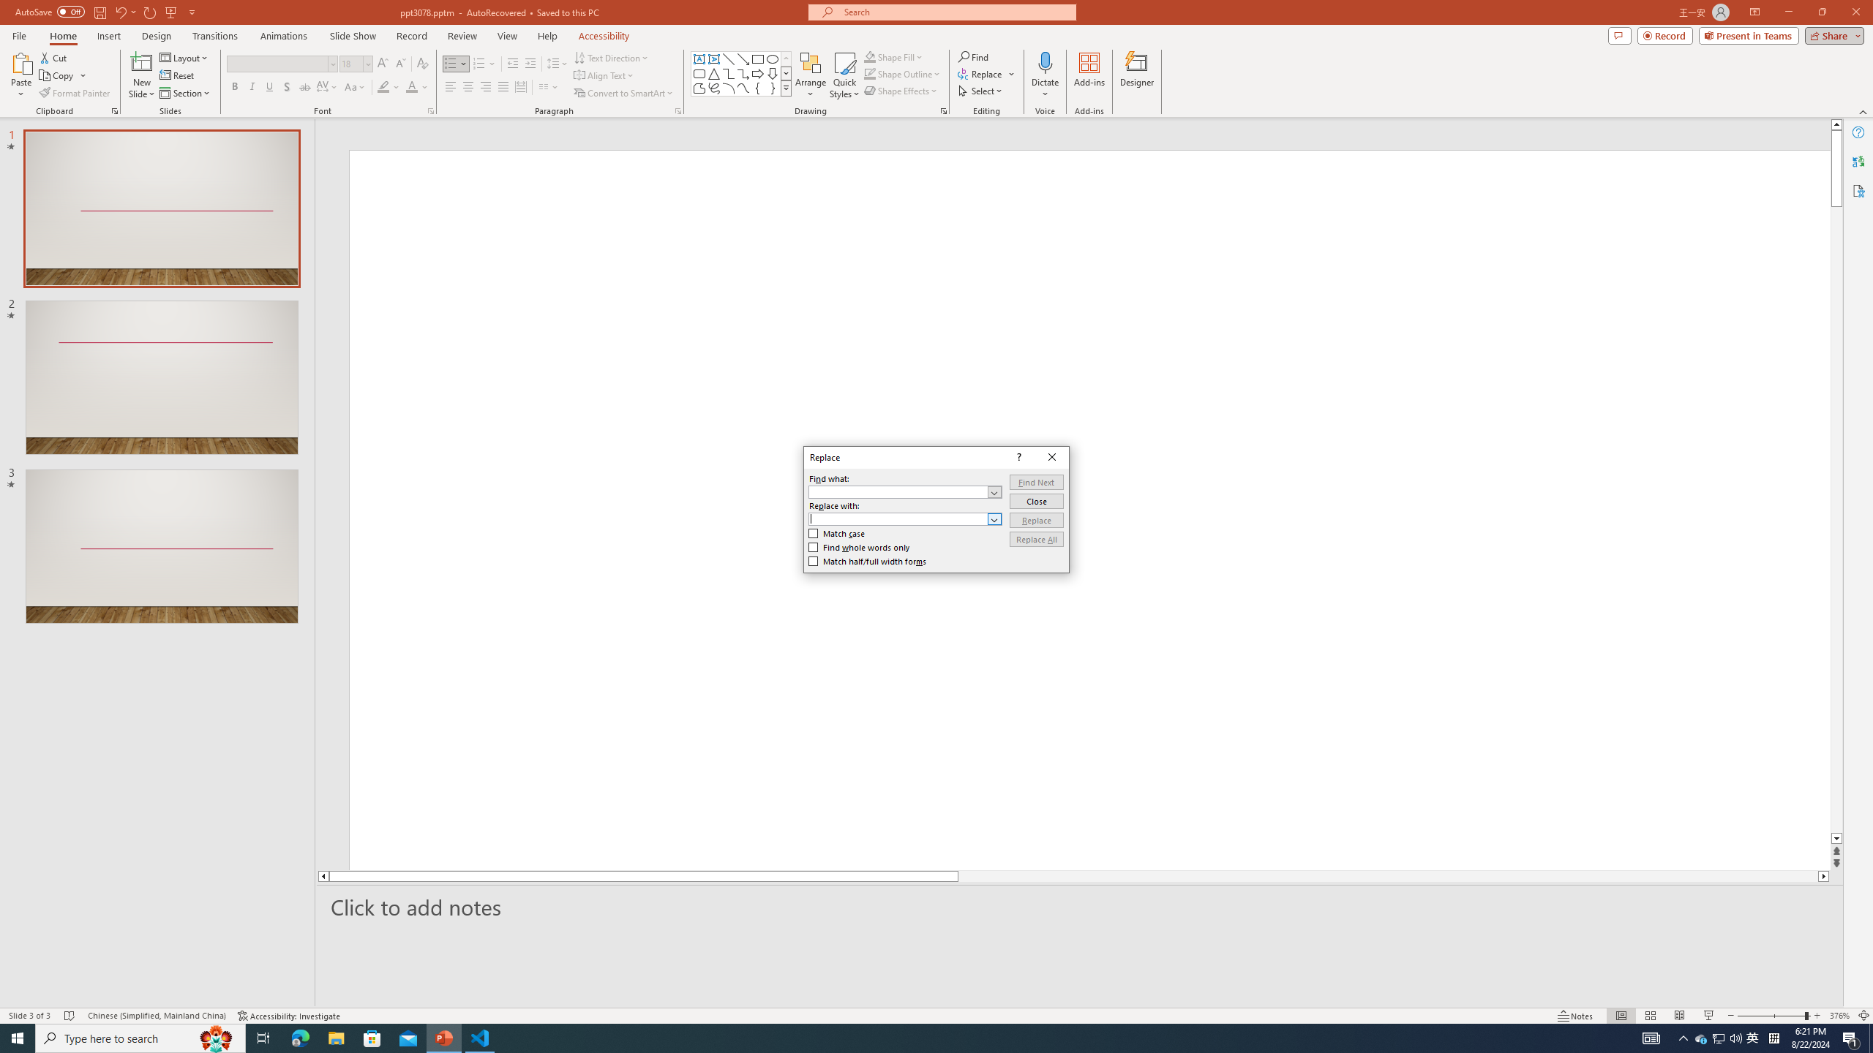 This screenshot has width=1873, height=1053. Describe the element at coordinates (1044, 75) in the screenshot. I see `'Dictate'` at that location.